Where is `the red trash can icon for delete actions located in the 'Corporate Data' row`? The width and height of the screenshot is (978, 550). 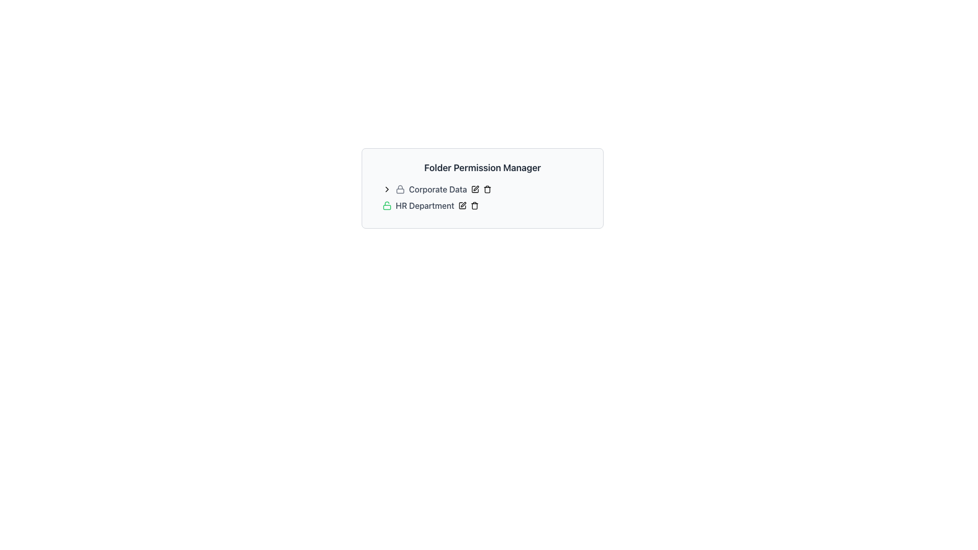
the red trash can icon for delete actions located in the 'Corporate Data' row is located at coordinates (486, 190).